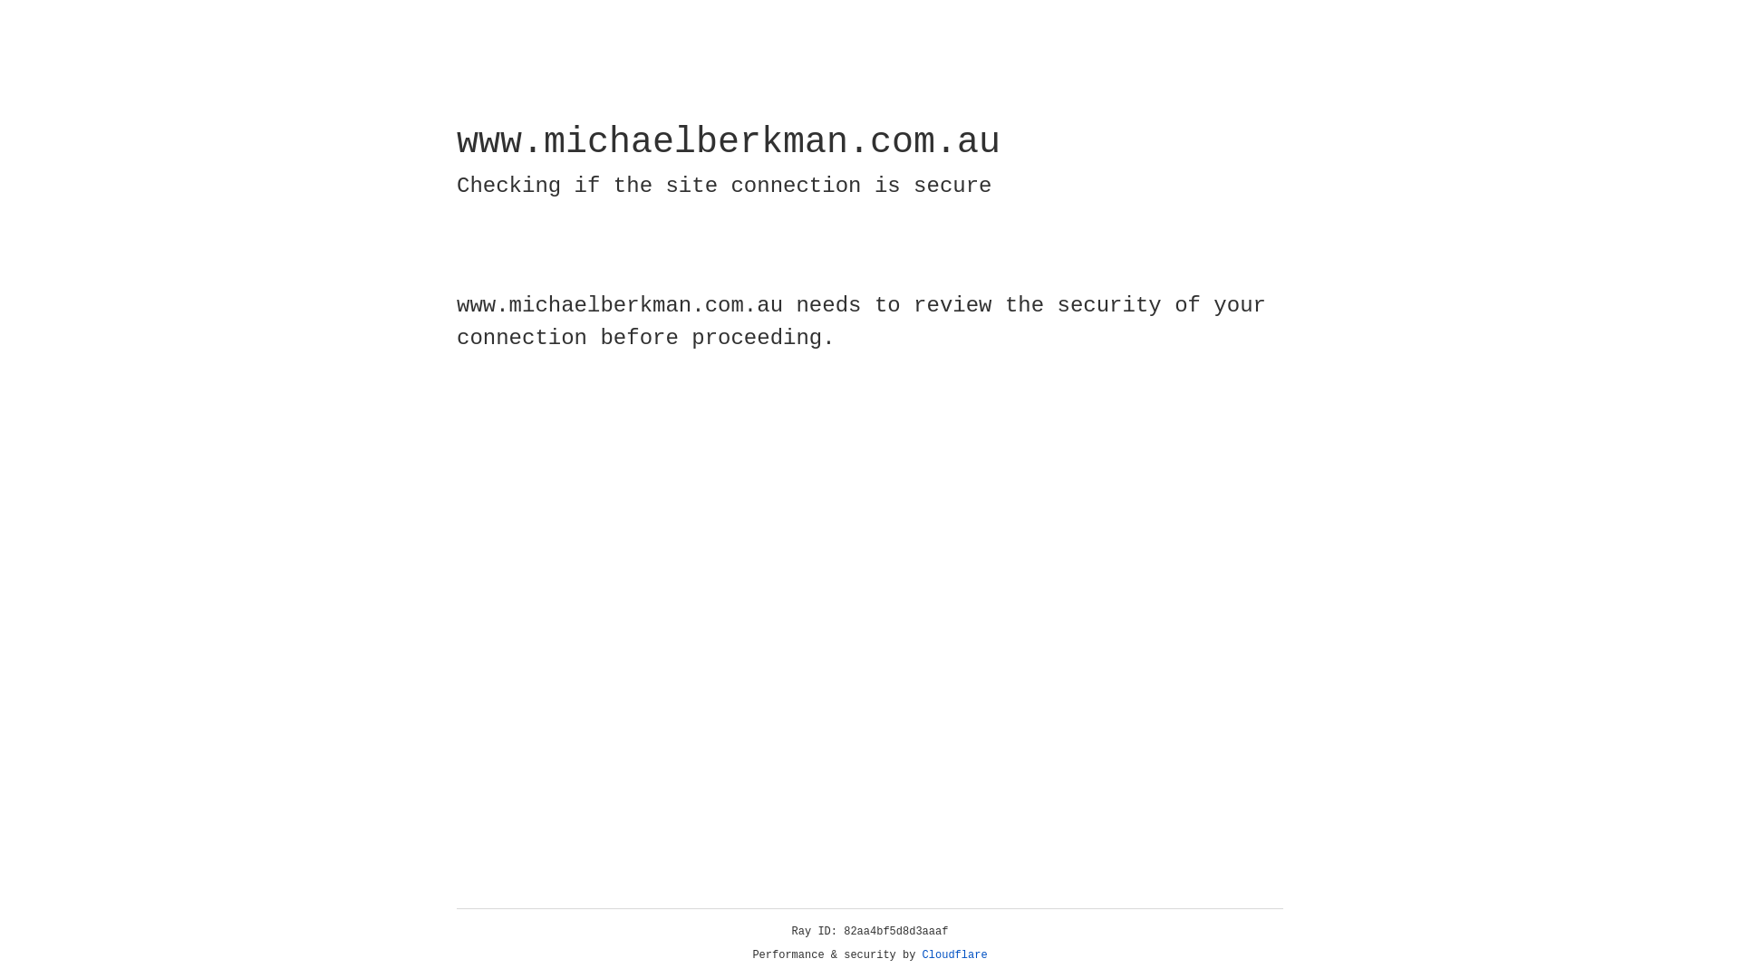 The width and height of the screenshot is (1740, 978). Describe the element at coordinates (954, 954) in the screenshot. I see `'Cloudflare'` at that location.